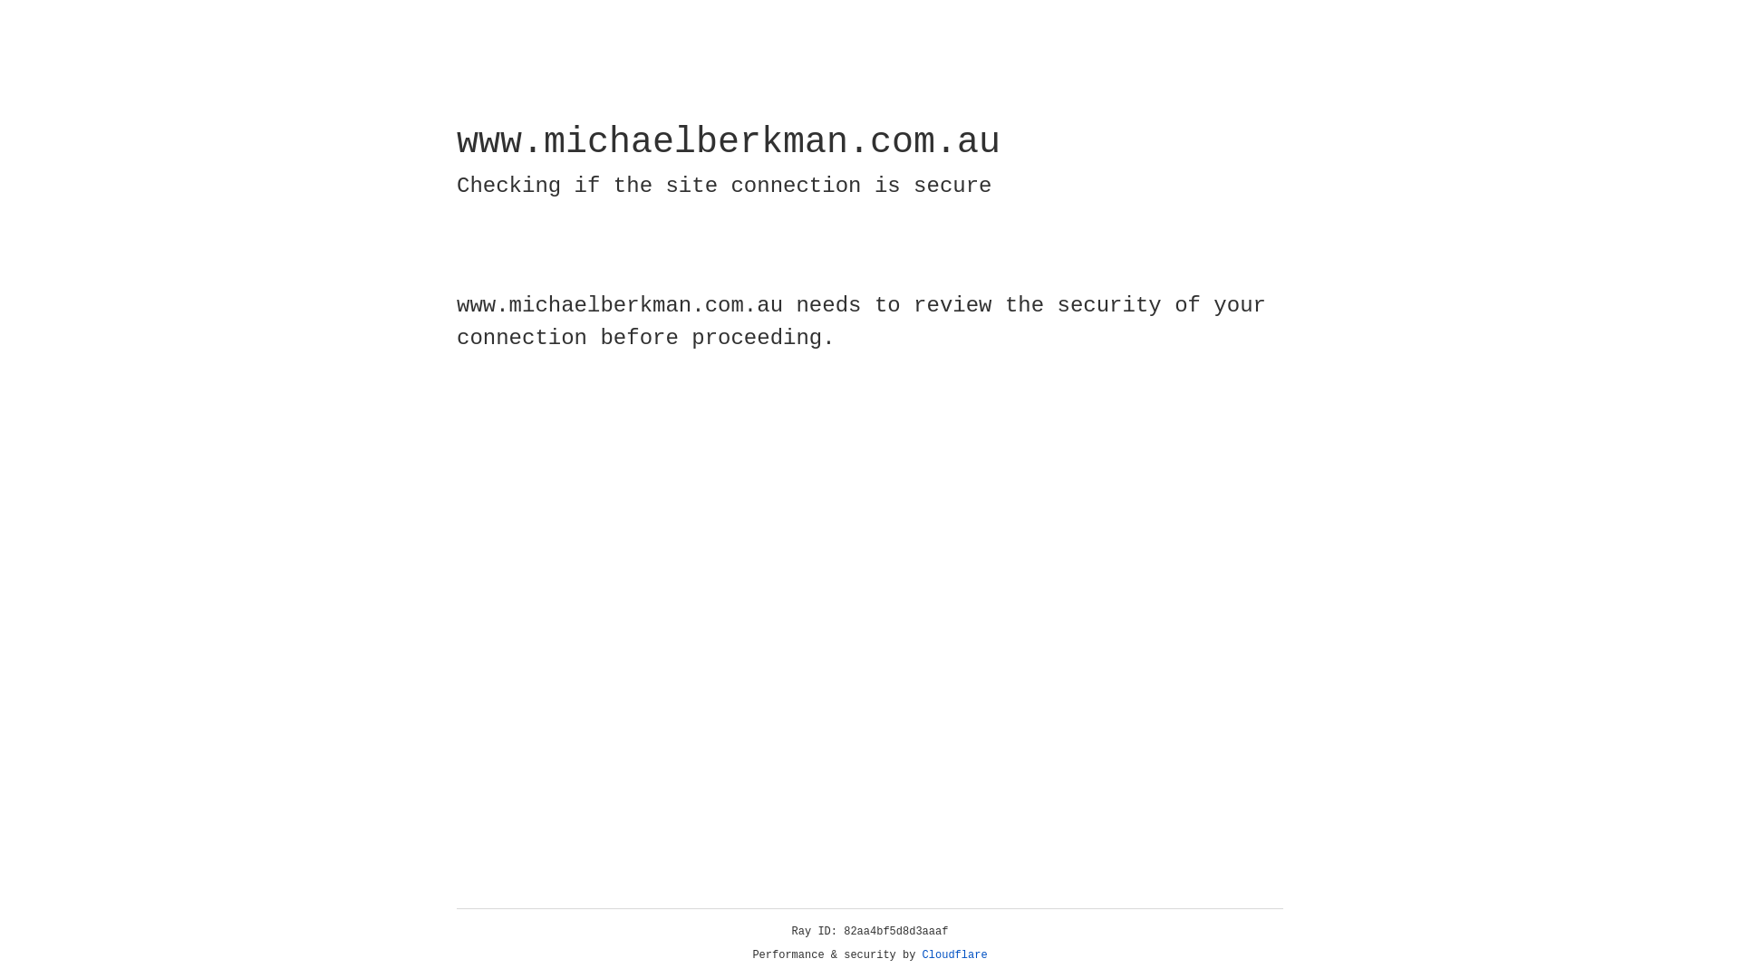 The width and height of the screenshot is (1740, 978). Describe the element at coordinates (954, 954) in the screenshot. I see `'Cloudflare'` at that location.